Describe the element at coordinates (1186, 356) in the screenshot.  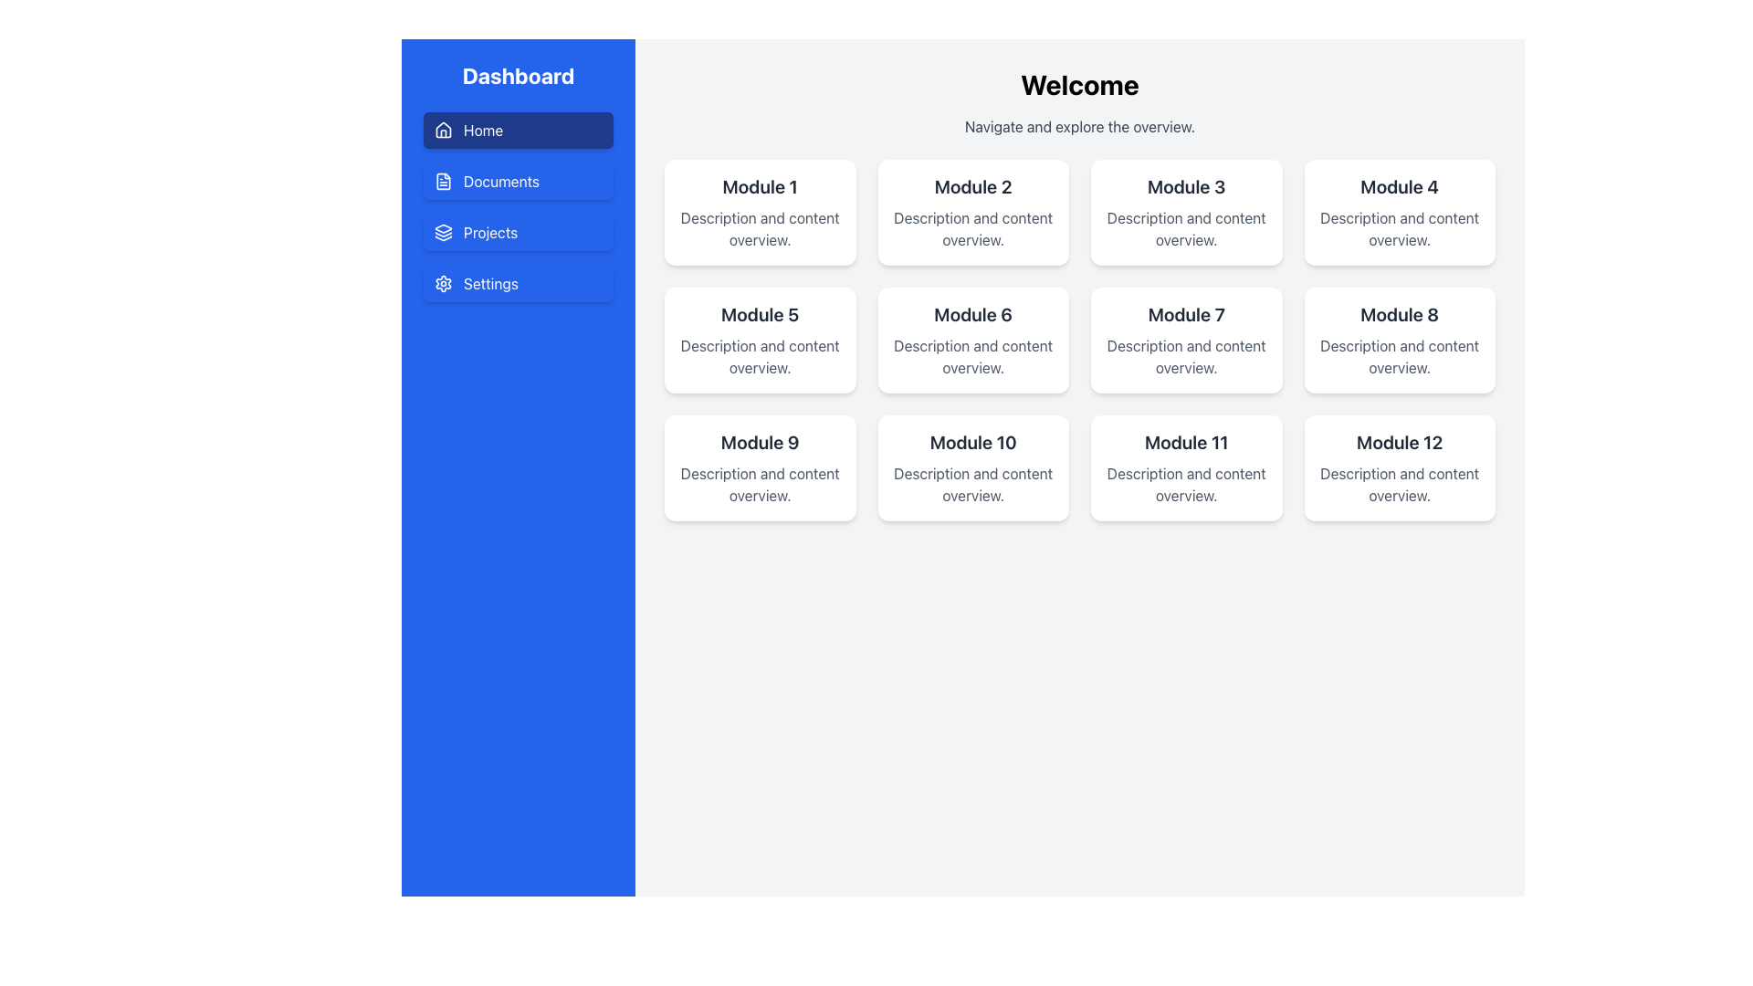
I see `the text block containing the phrase 'Description and content overview' that is styled with gray text color and positioned below the 'Module 7' title within the module's white, rounded, rectangular card box` at that location.